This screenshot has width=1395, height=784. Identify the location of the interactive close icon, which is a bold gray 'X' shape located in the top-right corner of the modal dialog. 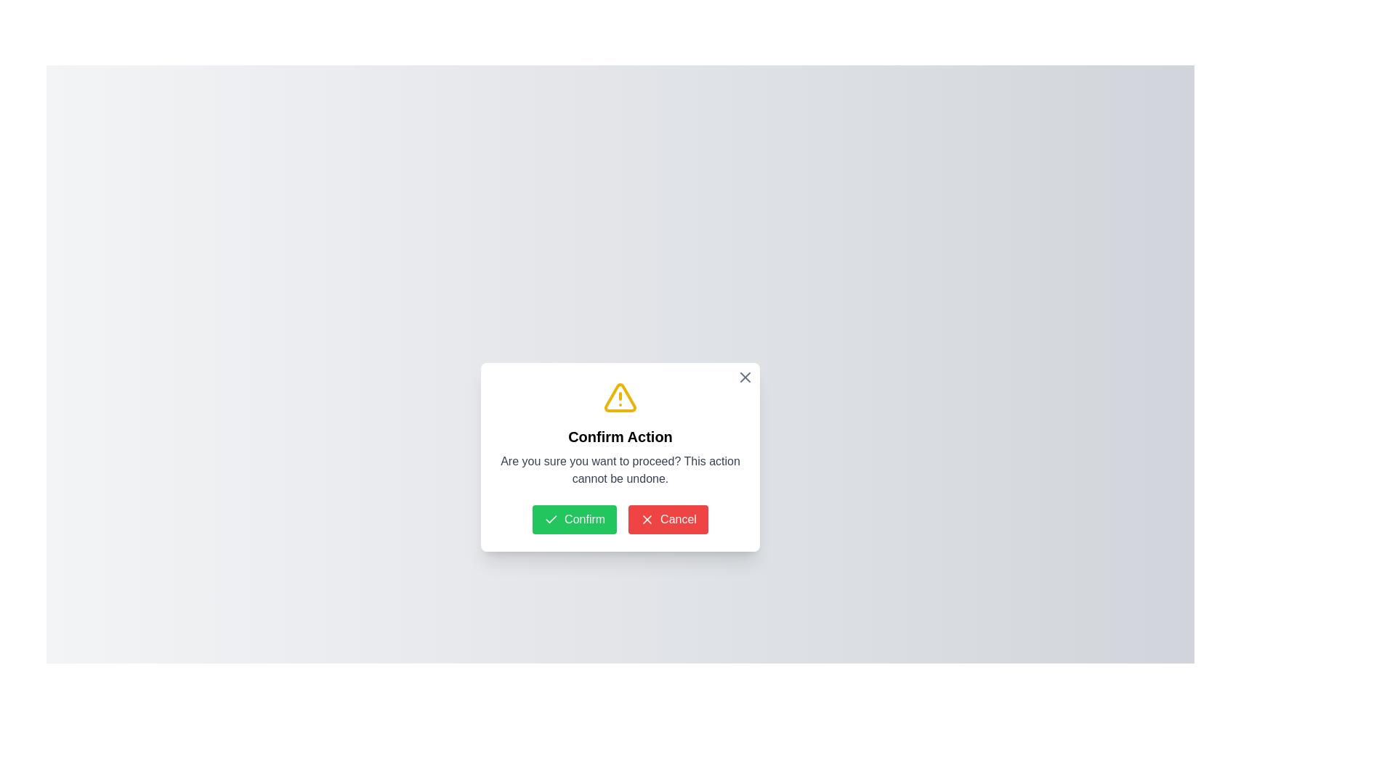
(745, 377).